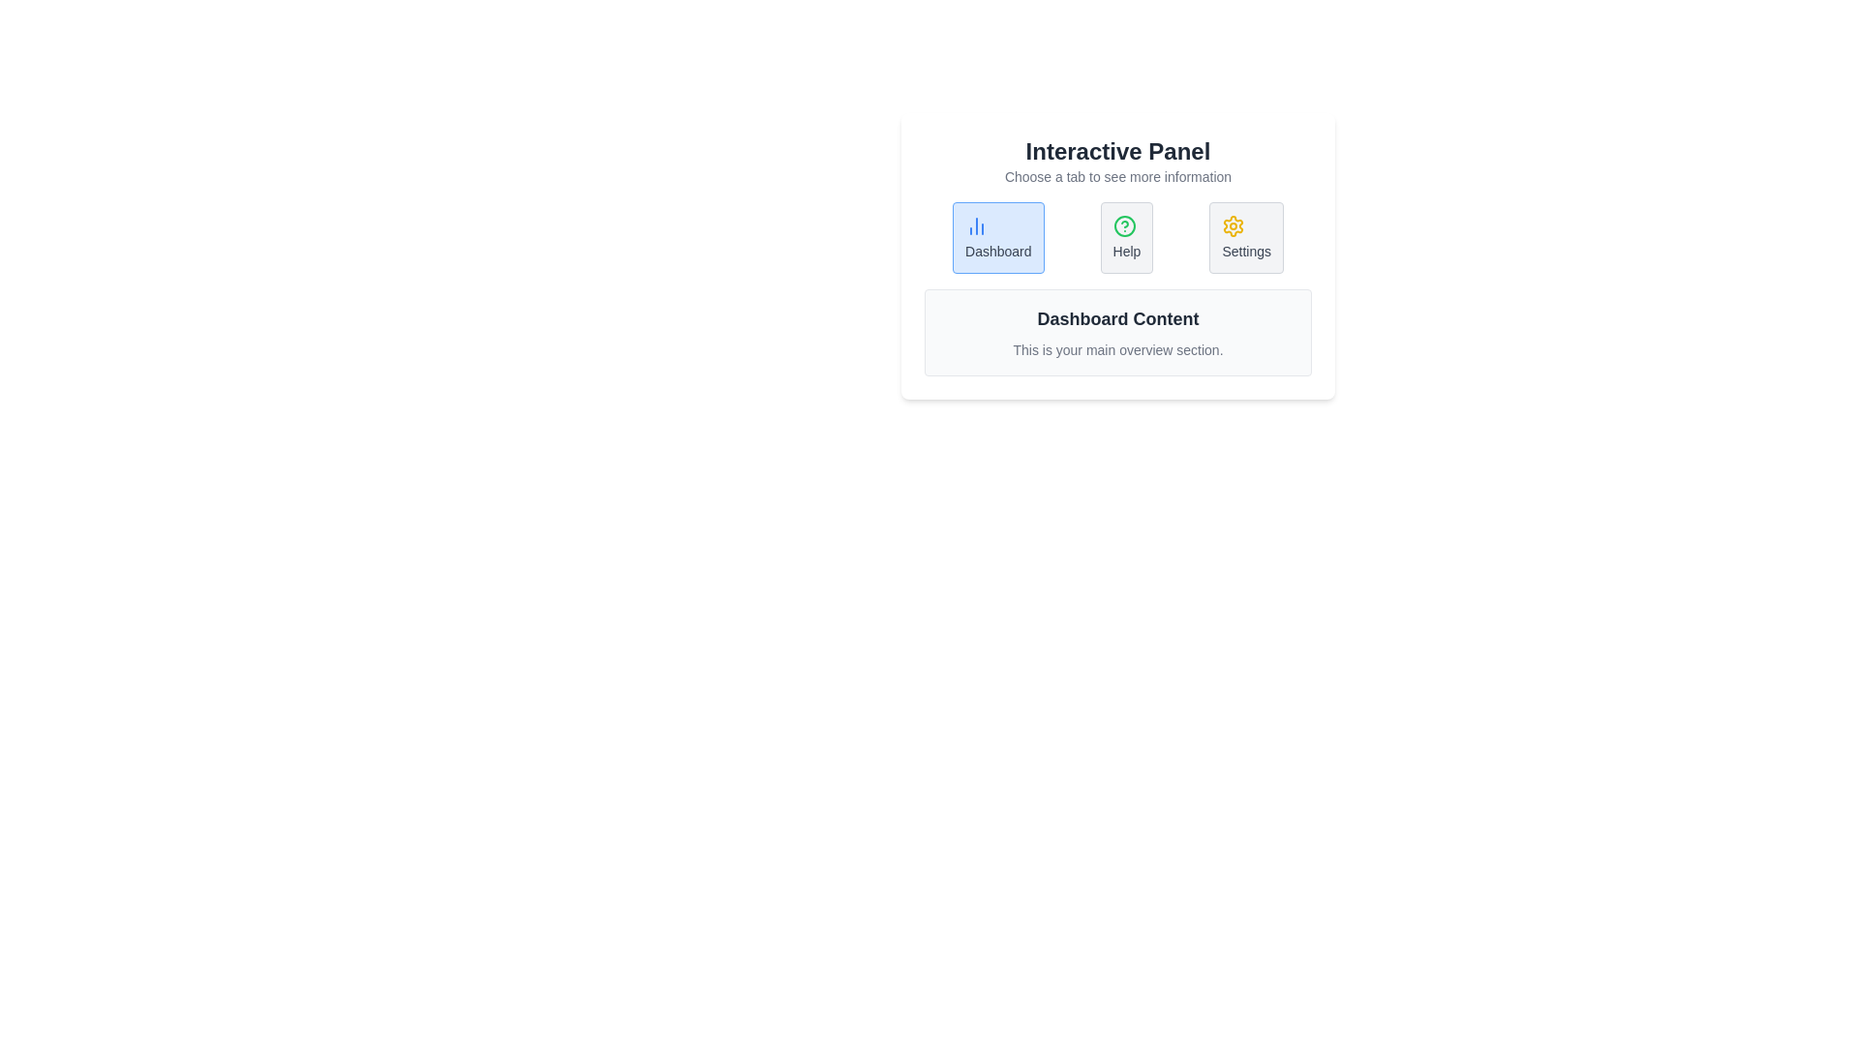 The width and height of the screenshot is (1859, 1045). I want to click on text of the 'Dashboard' label, which is styled with a small, bold font and gray color, located inside the first button of three options below the 'Interactive Panel' heading, so click(998, 250).